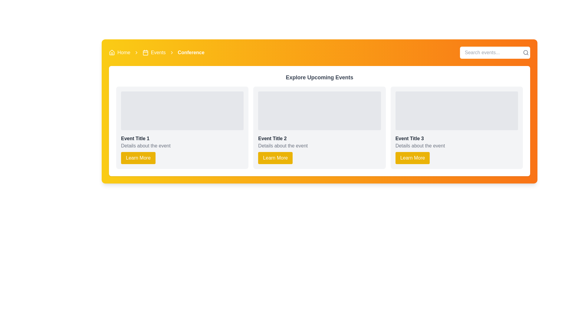 This screenshot has width=581, height=327. What do you see at coordinates (420, 146) in the screenshot?
I see `the static text element that provides additional information regarding the event, positioned below 'Event Title 3' and above the 'Learn More' button` at bounding box center [420, 146].